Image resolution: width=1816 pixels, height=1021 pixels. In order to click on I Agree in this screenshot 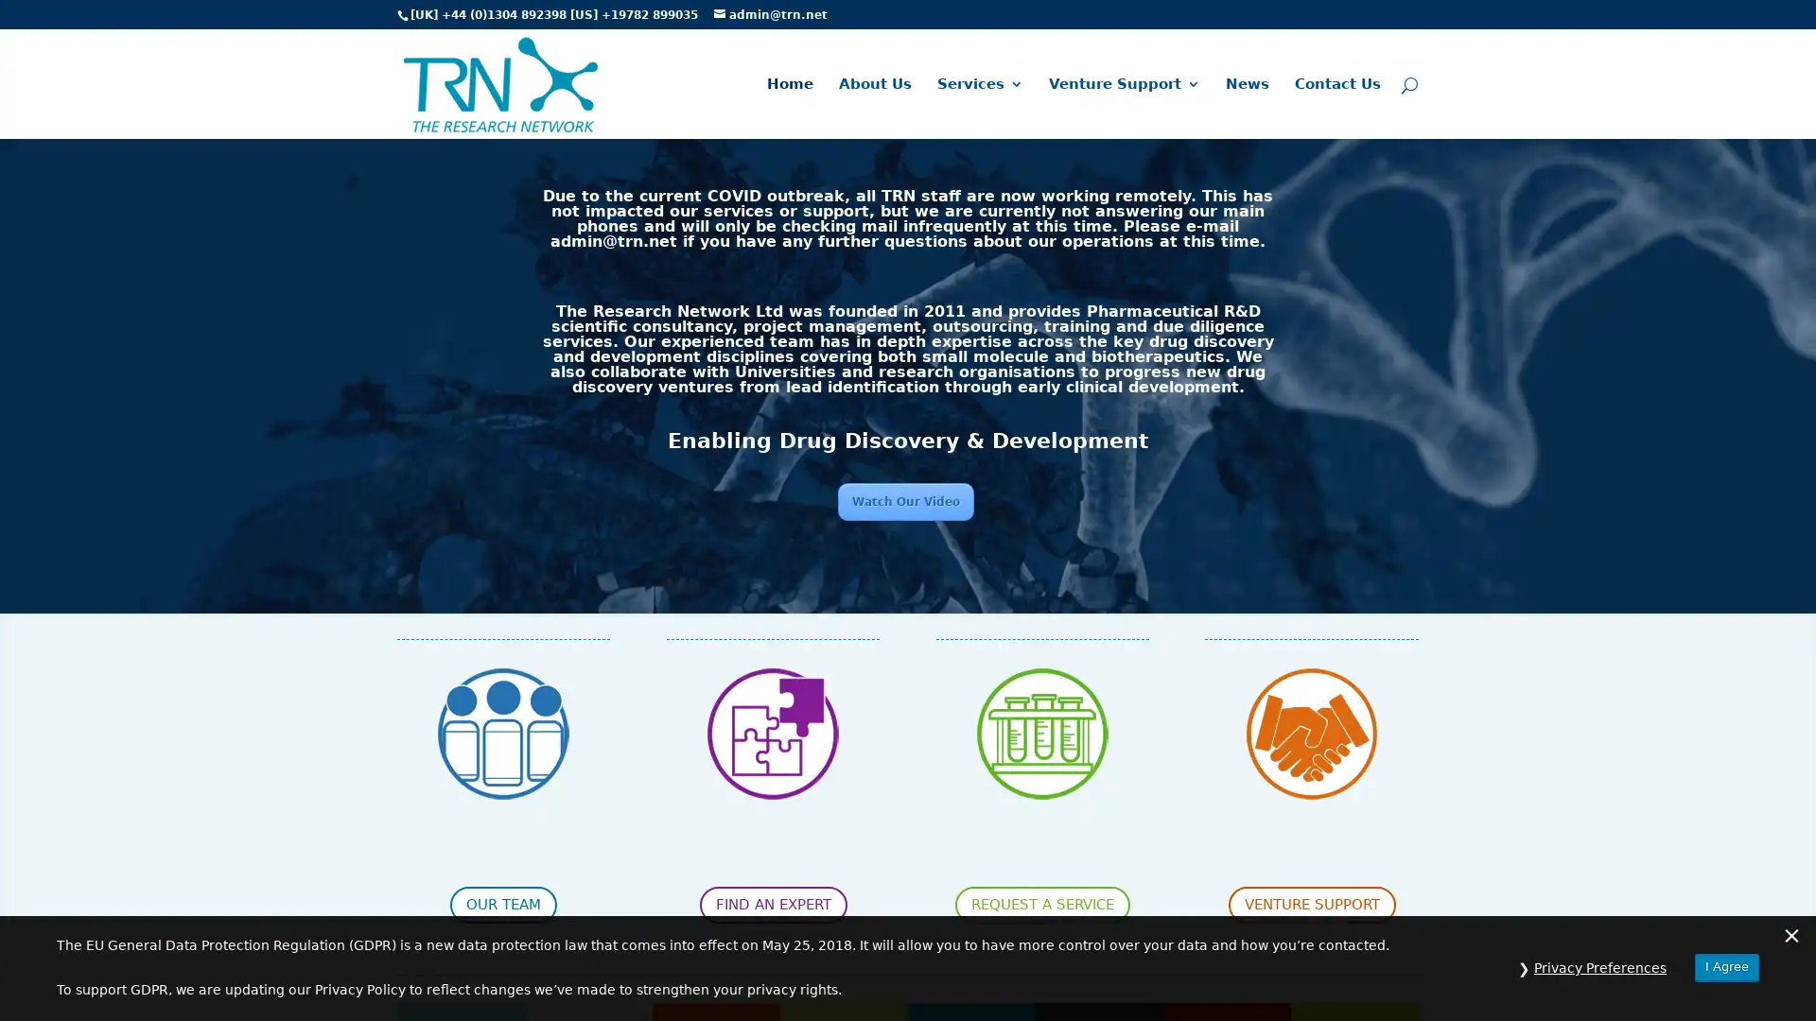, I will do `click(1726, 966)`.